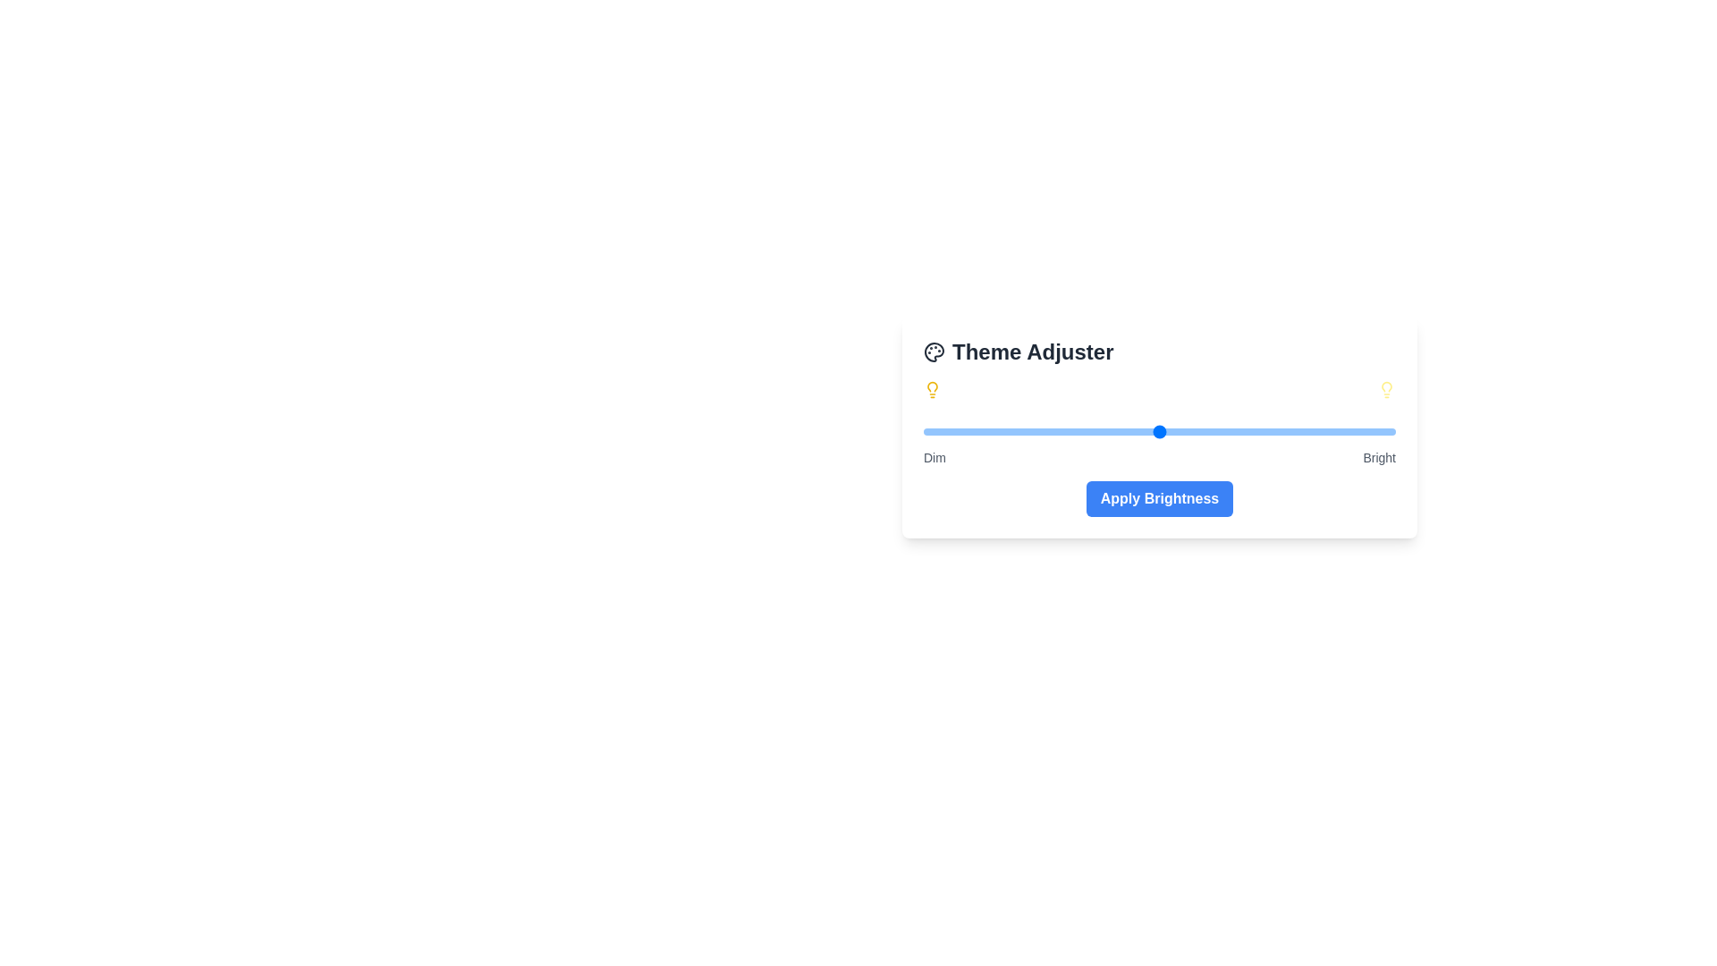 This screenshot has height=966, width=1717. Describe the element at coordinates (1106, 431) in the screenshot. I see `the brightness slider to 39%` at that location.